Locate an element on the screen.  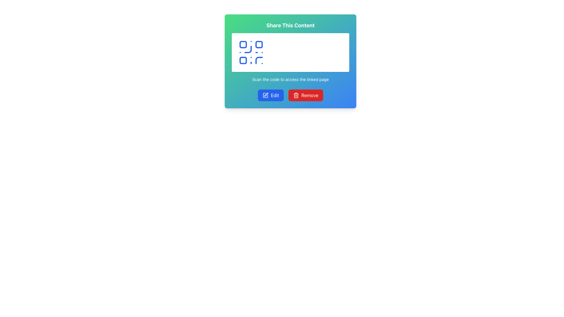
the 'Remove' button in the interactive buttons group is located at coordinates (290, 95).